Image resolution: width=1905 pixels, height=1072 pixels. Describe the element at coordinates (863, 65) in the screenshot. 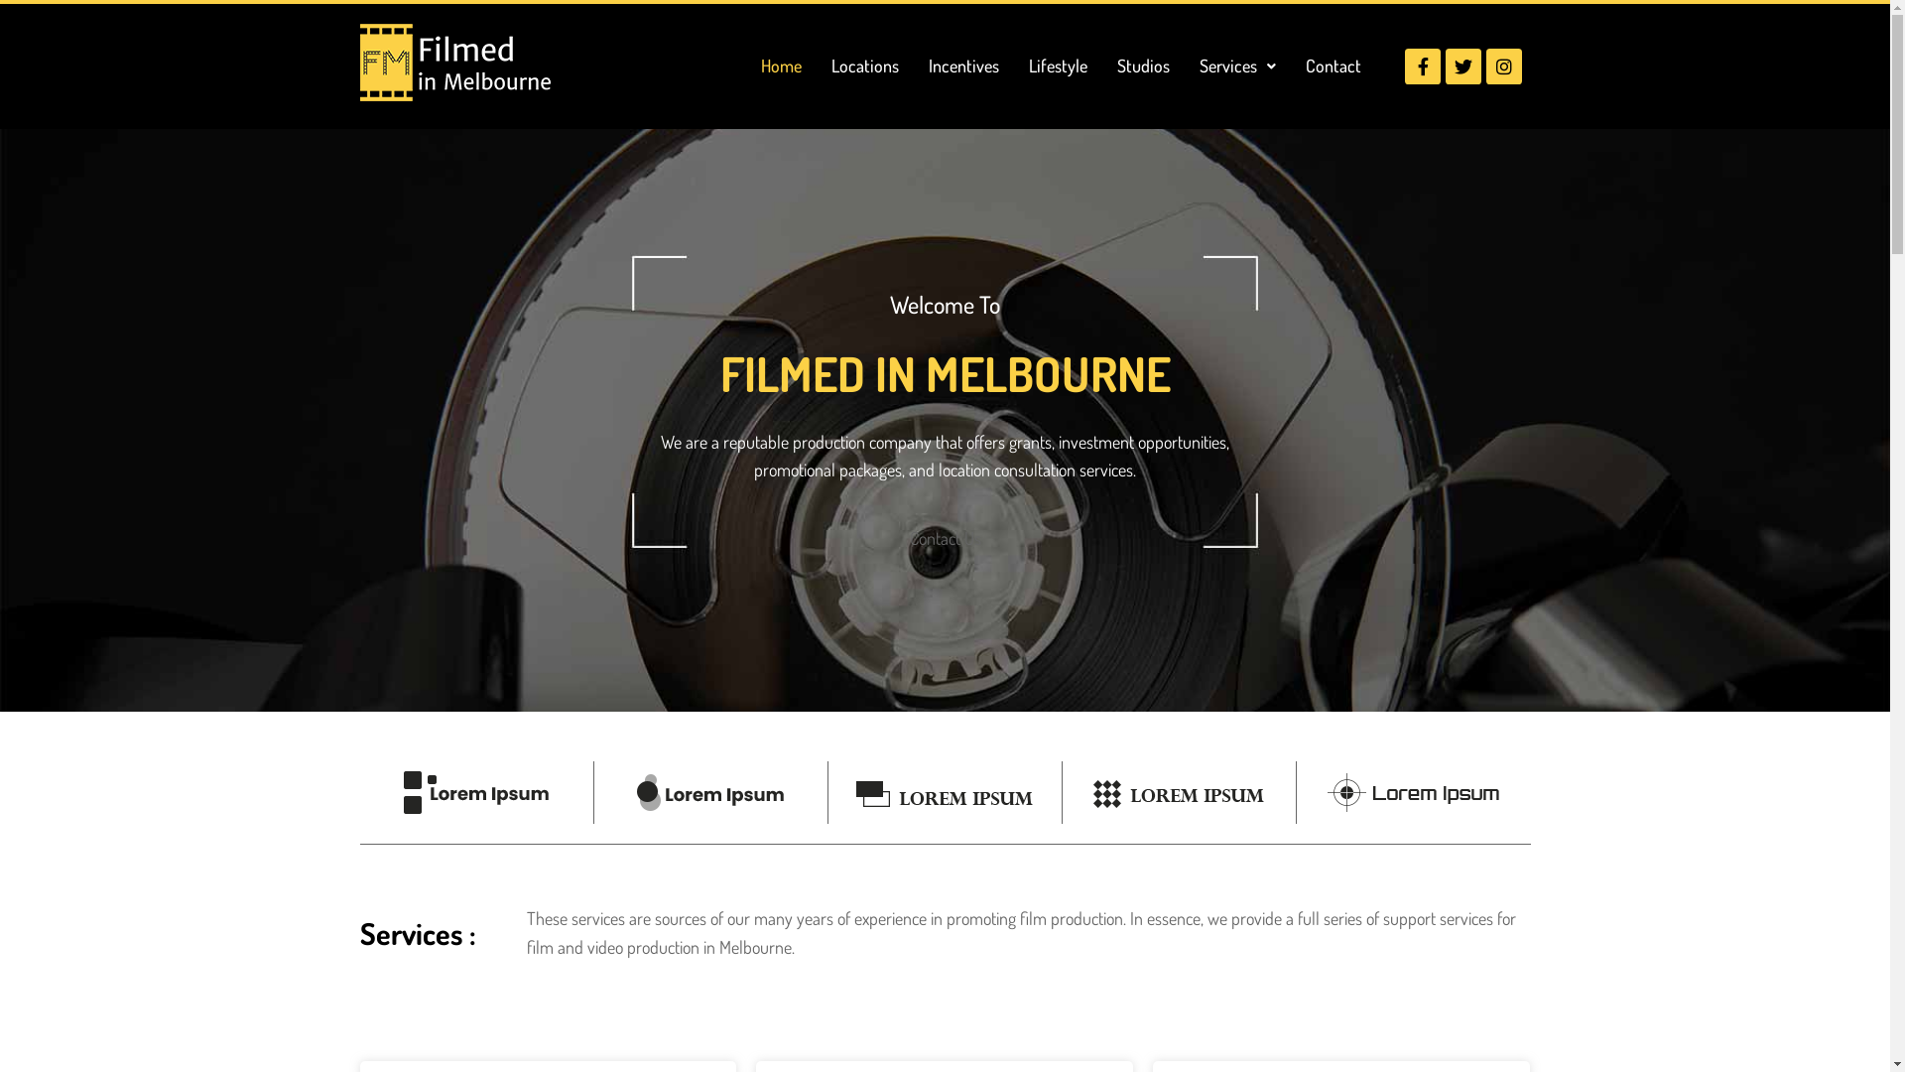

I see `'Locations'` at that location.